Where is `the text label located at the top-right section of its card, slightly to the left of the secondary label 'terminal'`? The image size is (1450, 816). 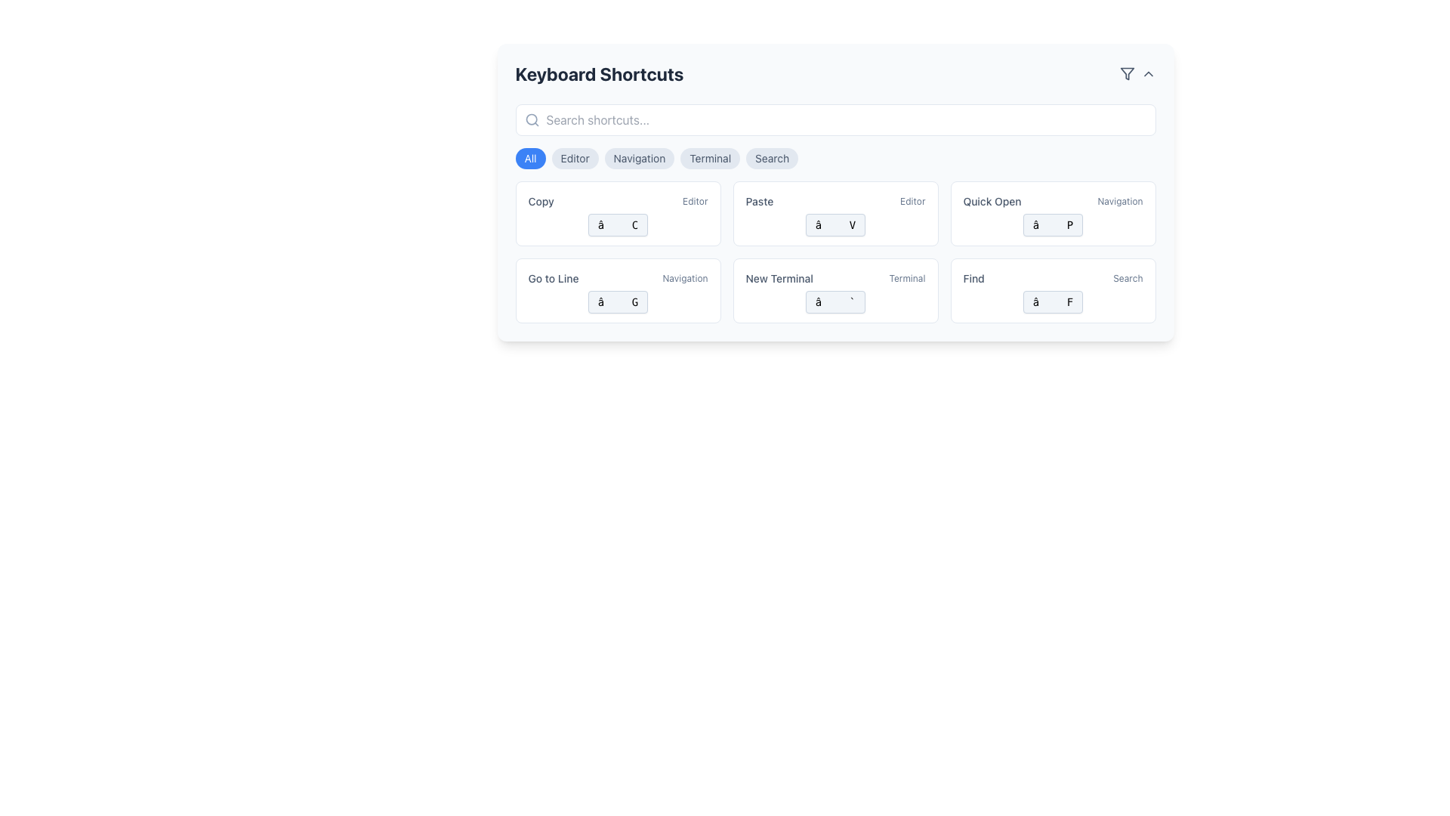 the text label located at the top-right section of its card, slightly to the left of the secondary label 'terminal' is located at coordinates (779, 279).